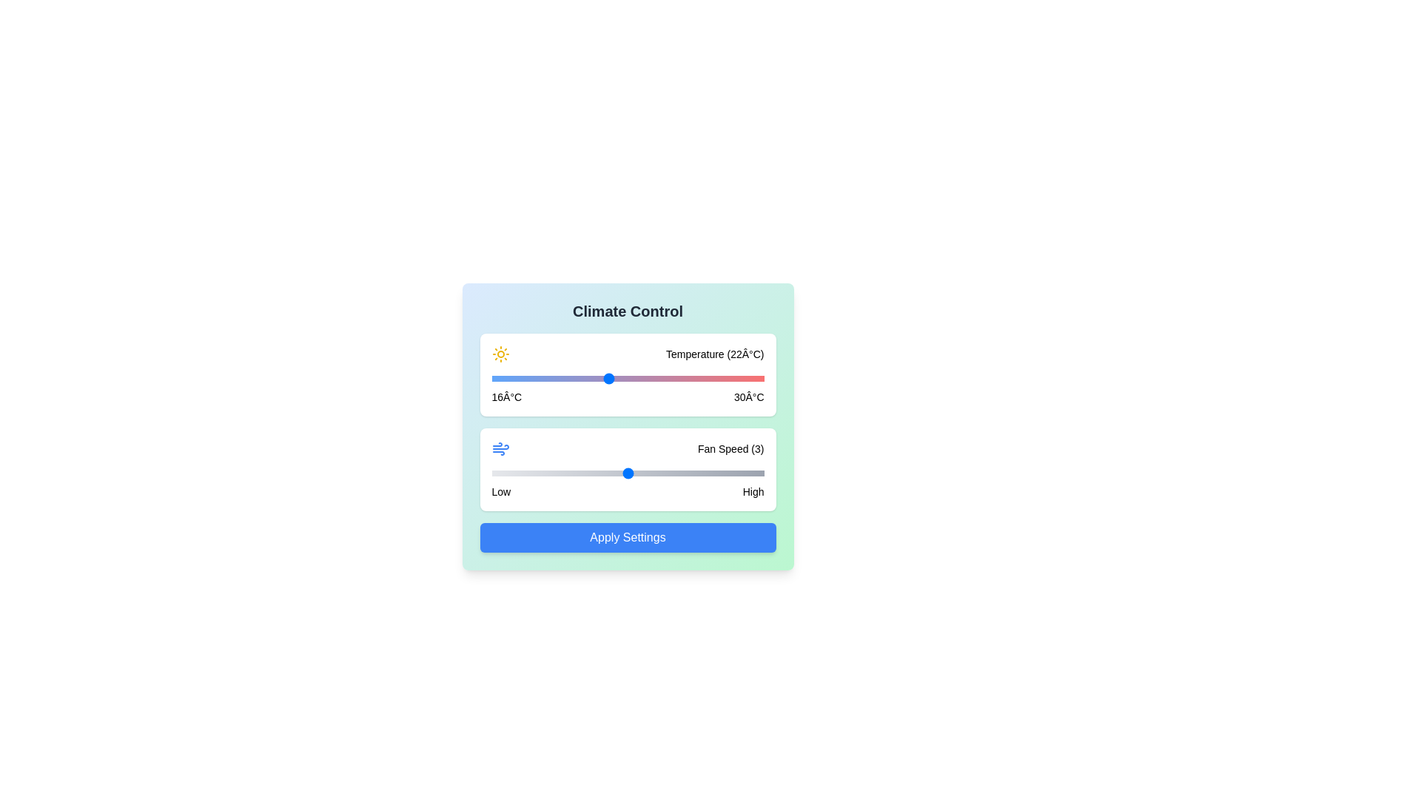  I want to click on the temperature slider to 21 degrees Celsius, so click(588, 378).